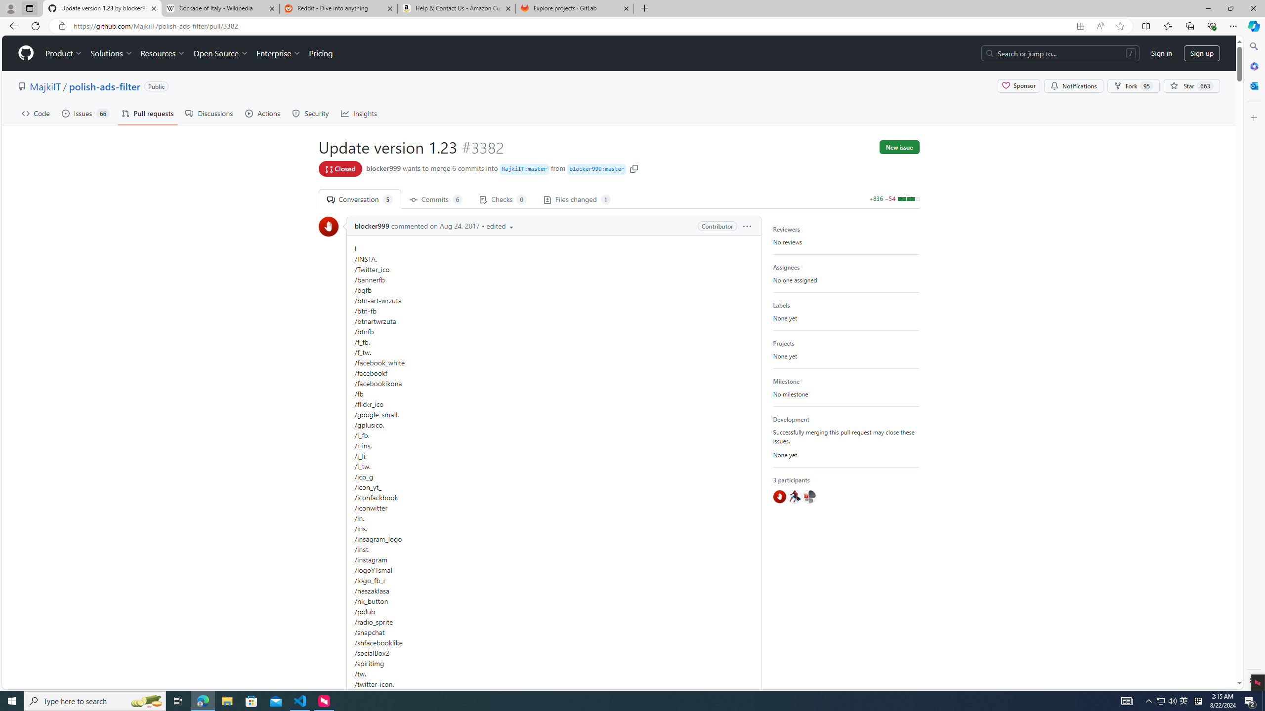 The height and width of the screenshot is (711, 1265). Describe the element at coordinates (36, 113) in the screenshot. I see `'Code'` at that location.